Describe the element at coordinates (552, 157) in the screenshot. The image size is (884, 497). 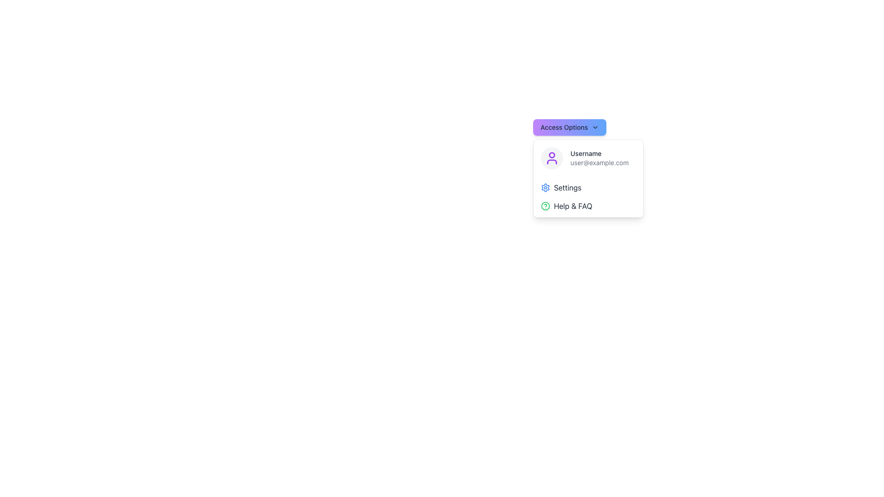
I see `the user avatar icon, which is represented as a stylized purple person silhouette located in the top left part of the dropdown panel above the 'Username' label` at that location.